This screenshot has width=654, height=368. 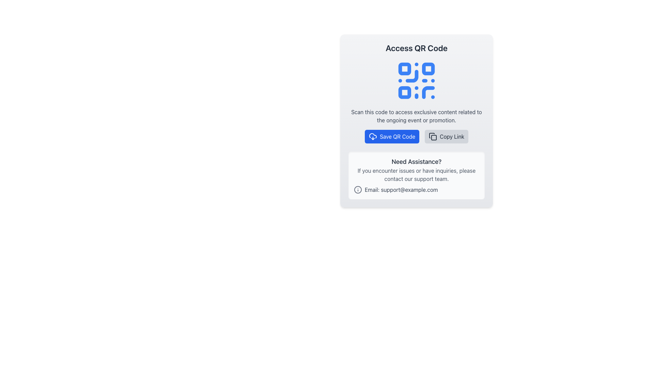 What do you see at coordinates (416, 175) in the screenshot?
I see `contact information from the informational section titled 'Need Assistance?' which has a light gray background and contains an email hyperlink` at bounding box center [416, 175].